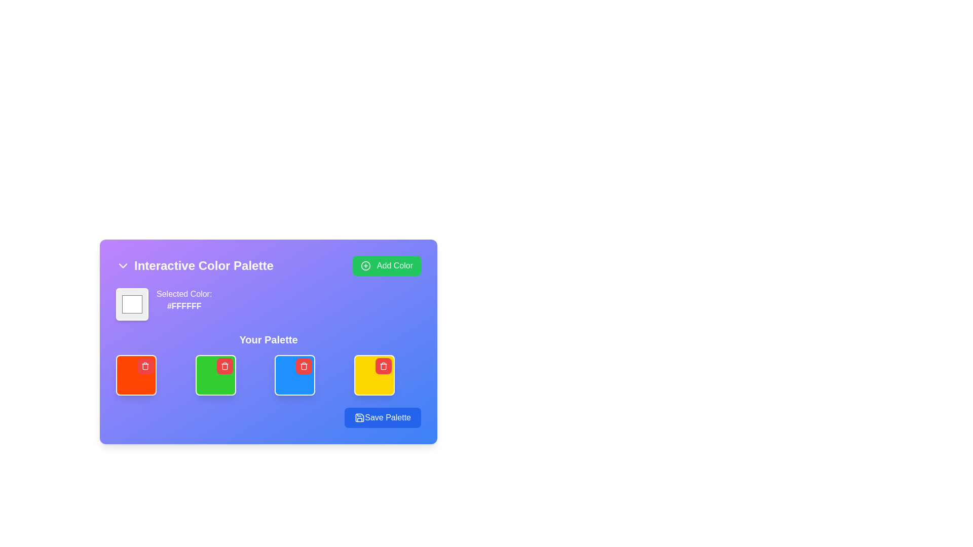  I want to click on the red trash can icon, which is the third delete icon in the 'Your Palette' section, so click(224, 366).